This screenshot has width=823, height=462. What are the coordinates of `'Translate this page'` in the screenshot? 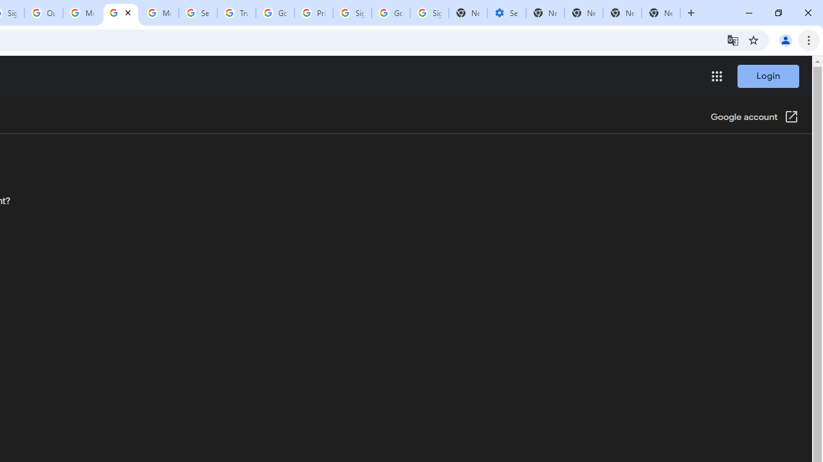 It's located at (732, 39).